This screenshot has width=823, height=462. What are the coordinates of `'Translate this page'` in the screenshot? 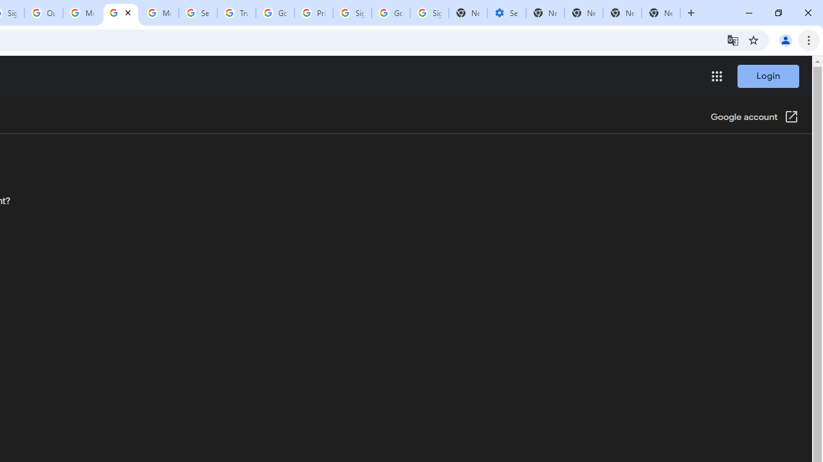 It's located at (732, 39).